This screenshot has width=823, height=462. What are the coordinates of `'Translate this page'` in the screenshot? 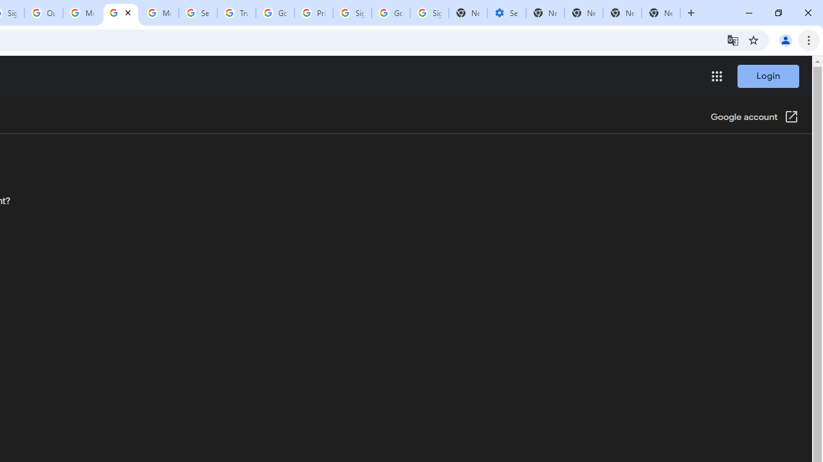 It's located at (732, 39).